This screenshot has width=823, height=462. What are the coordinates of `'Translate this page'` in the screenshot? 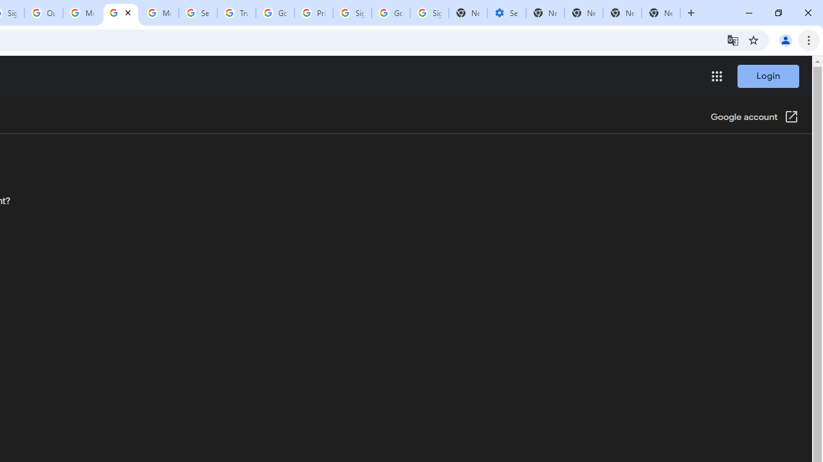 It's located at (732, 39).